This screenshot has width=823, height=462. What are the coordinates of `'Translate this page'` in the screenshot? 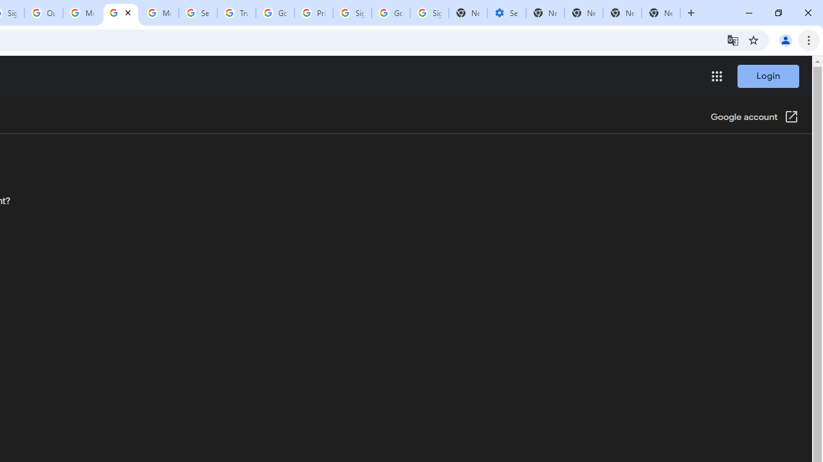 It's located at (732, 39).